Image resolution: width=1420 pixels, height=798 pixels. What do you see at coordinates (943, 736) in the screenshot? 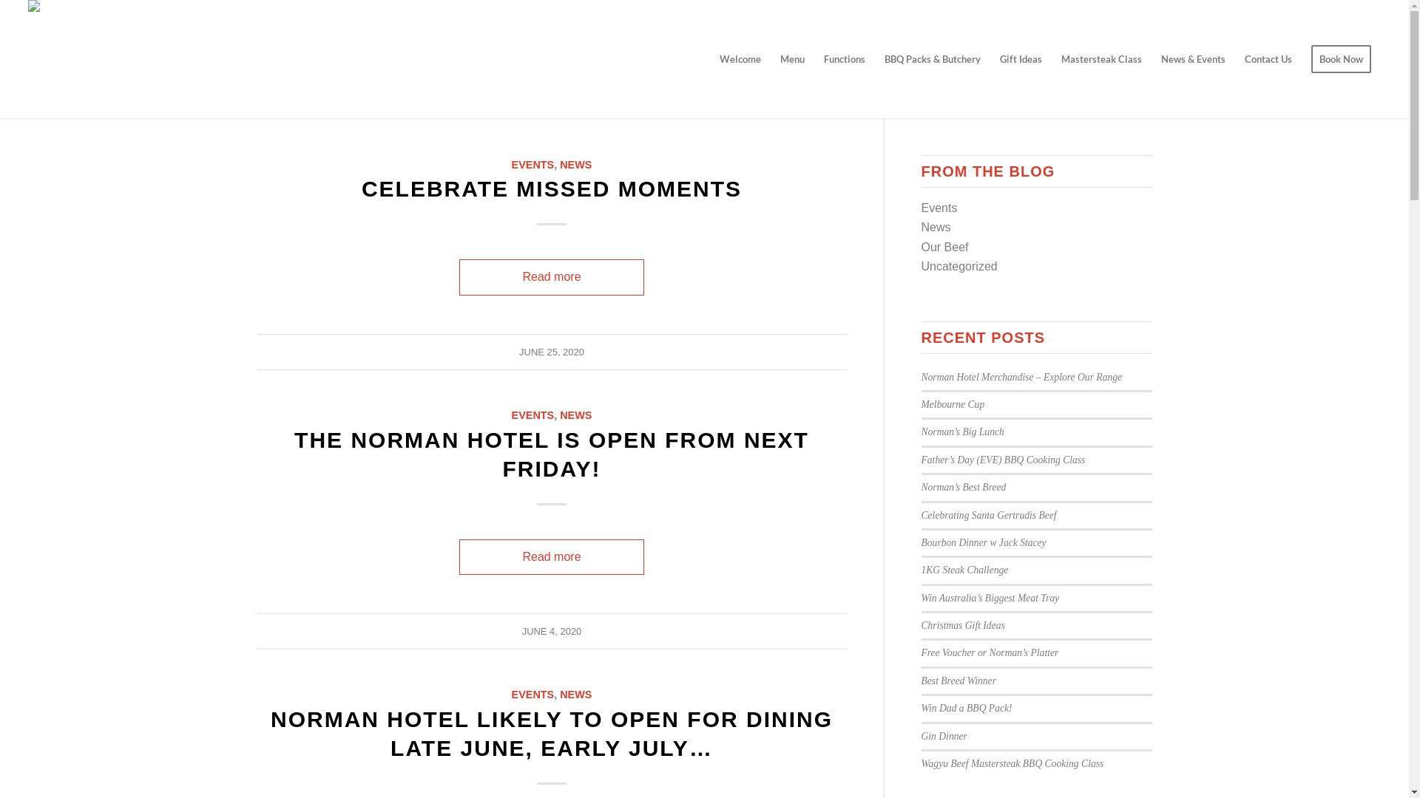
I see `'Gin Dinner'` at bounding box center [943, 736].